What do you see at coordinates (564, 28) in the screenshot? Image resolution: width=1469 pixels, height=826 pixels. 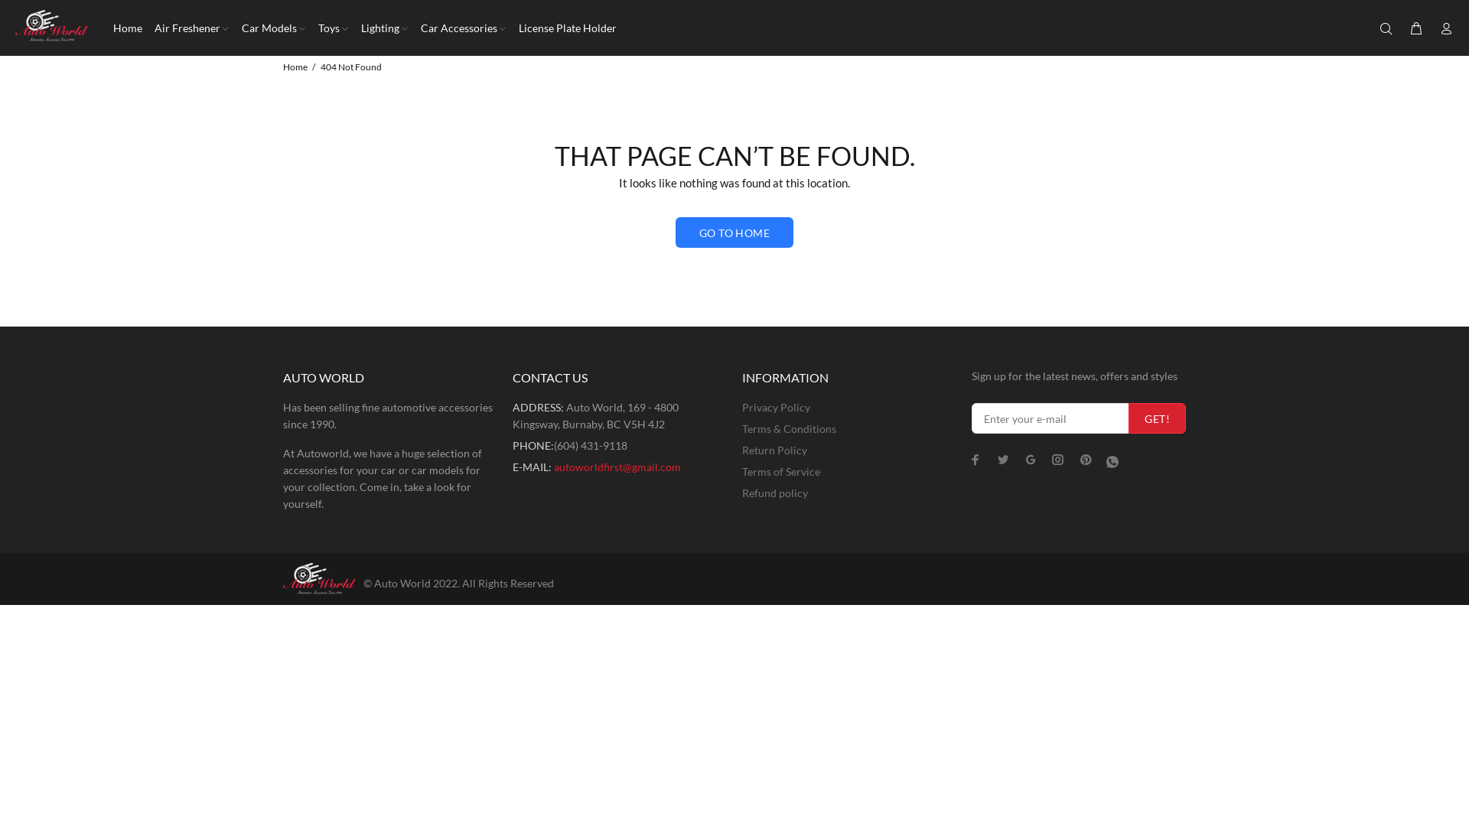 I see `'License Plate Holder'` at bounding box center [564, 28].